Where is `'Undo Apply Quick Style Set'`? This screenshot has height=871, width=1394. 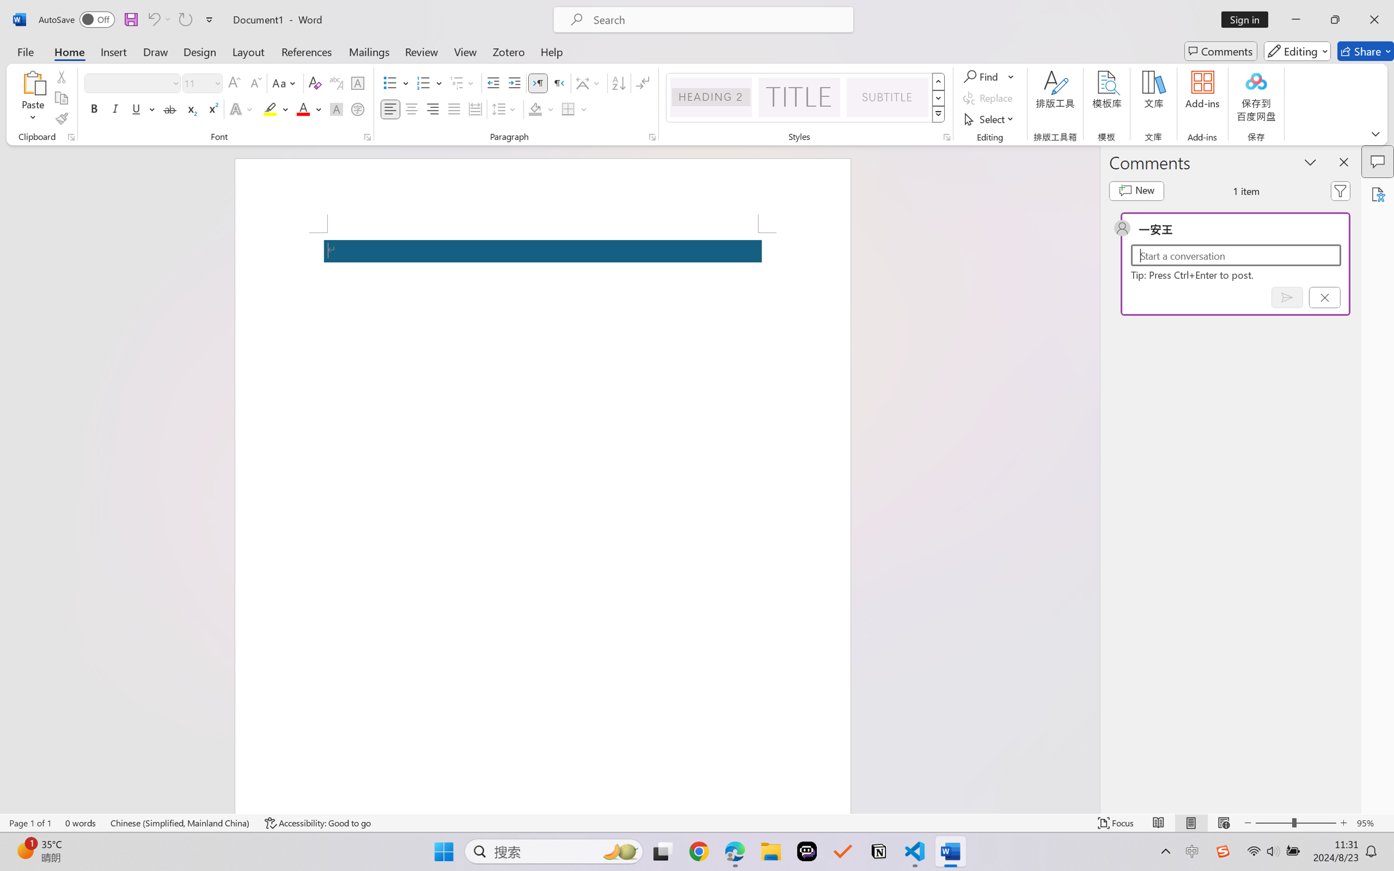 'Undo Apply Quick Style Set' is located at coordinates (158, 19).